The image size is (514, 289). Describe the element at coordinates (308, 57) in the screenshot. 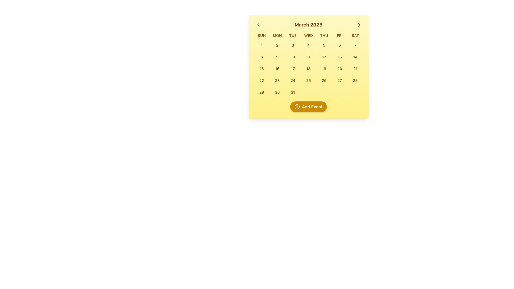

I see `the calendar day cell for the 11th` at that location.